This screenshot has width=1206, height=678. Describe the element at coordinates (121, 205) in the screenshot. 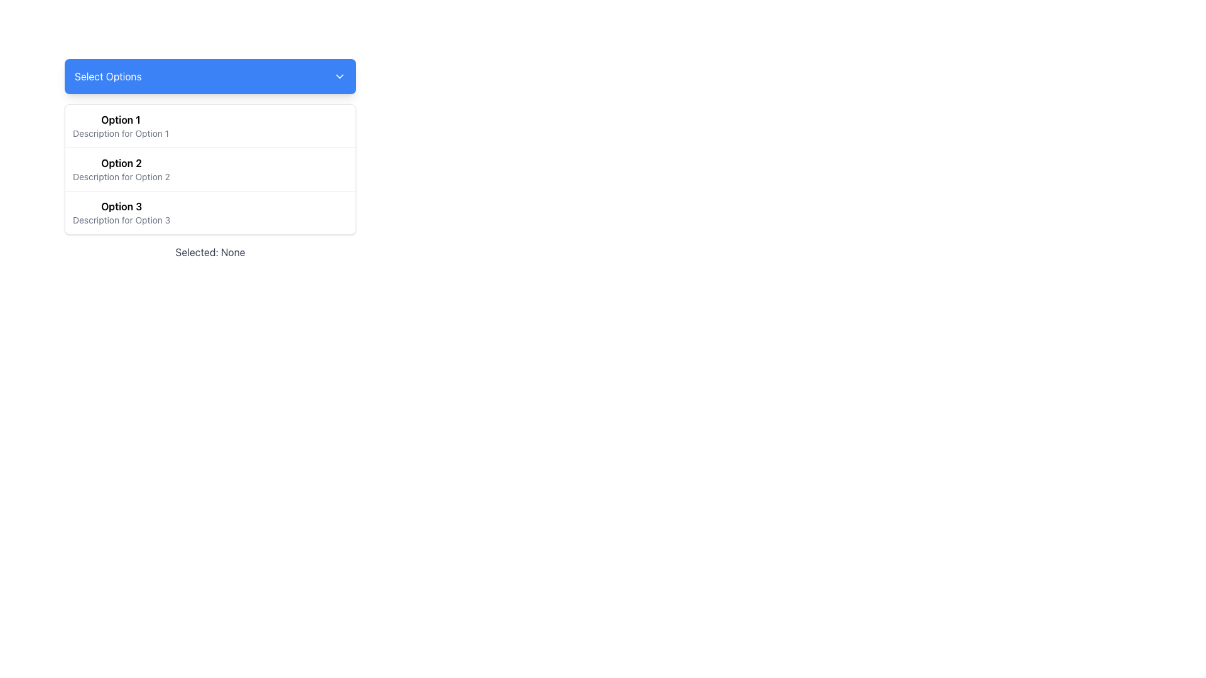

I see `text content of the bold-styled label 'Option 3' in the dropdown list, which is visually distinct with black font on a white background` at that location.